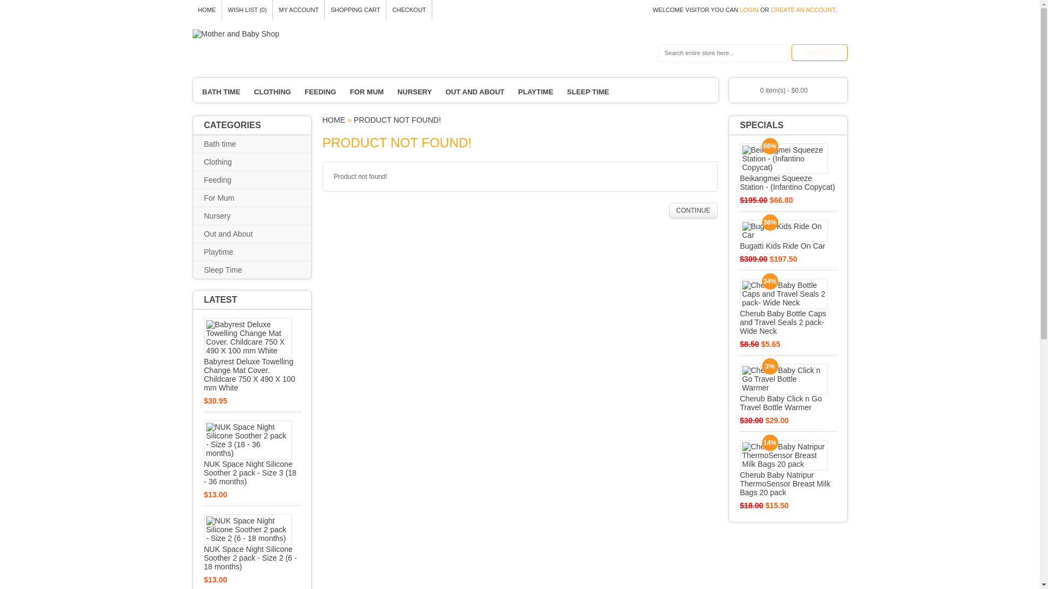  Describe the element at coordinates (228, 143) in the screenshot. I see `'Bath time'` at that location.